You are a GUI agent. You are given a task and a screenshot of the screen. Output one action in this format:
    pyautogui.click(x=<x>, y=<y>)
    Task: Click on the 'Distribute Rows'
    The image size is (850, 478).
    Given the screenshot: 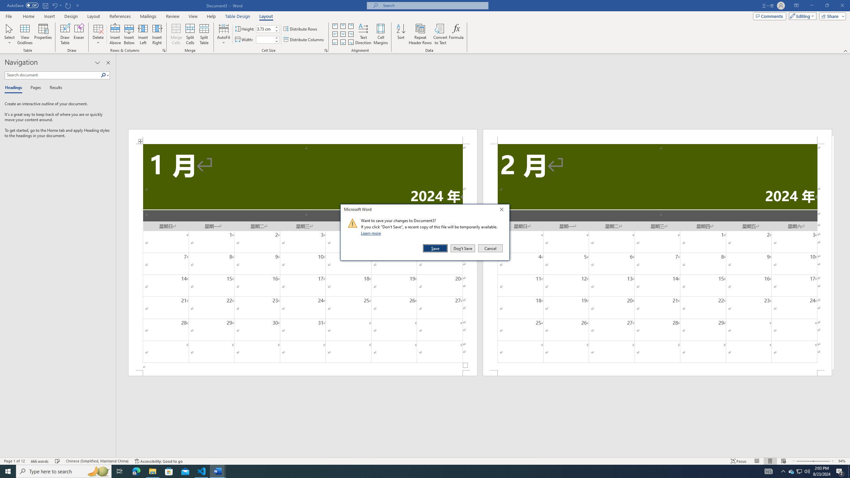 What is the action you would take?
    pyautogui.click(x=300, y=29)
    